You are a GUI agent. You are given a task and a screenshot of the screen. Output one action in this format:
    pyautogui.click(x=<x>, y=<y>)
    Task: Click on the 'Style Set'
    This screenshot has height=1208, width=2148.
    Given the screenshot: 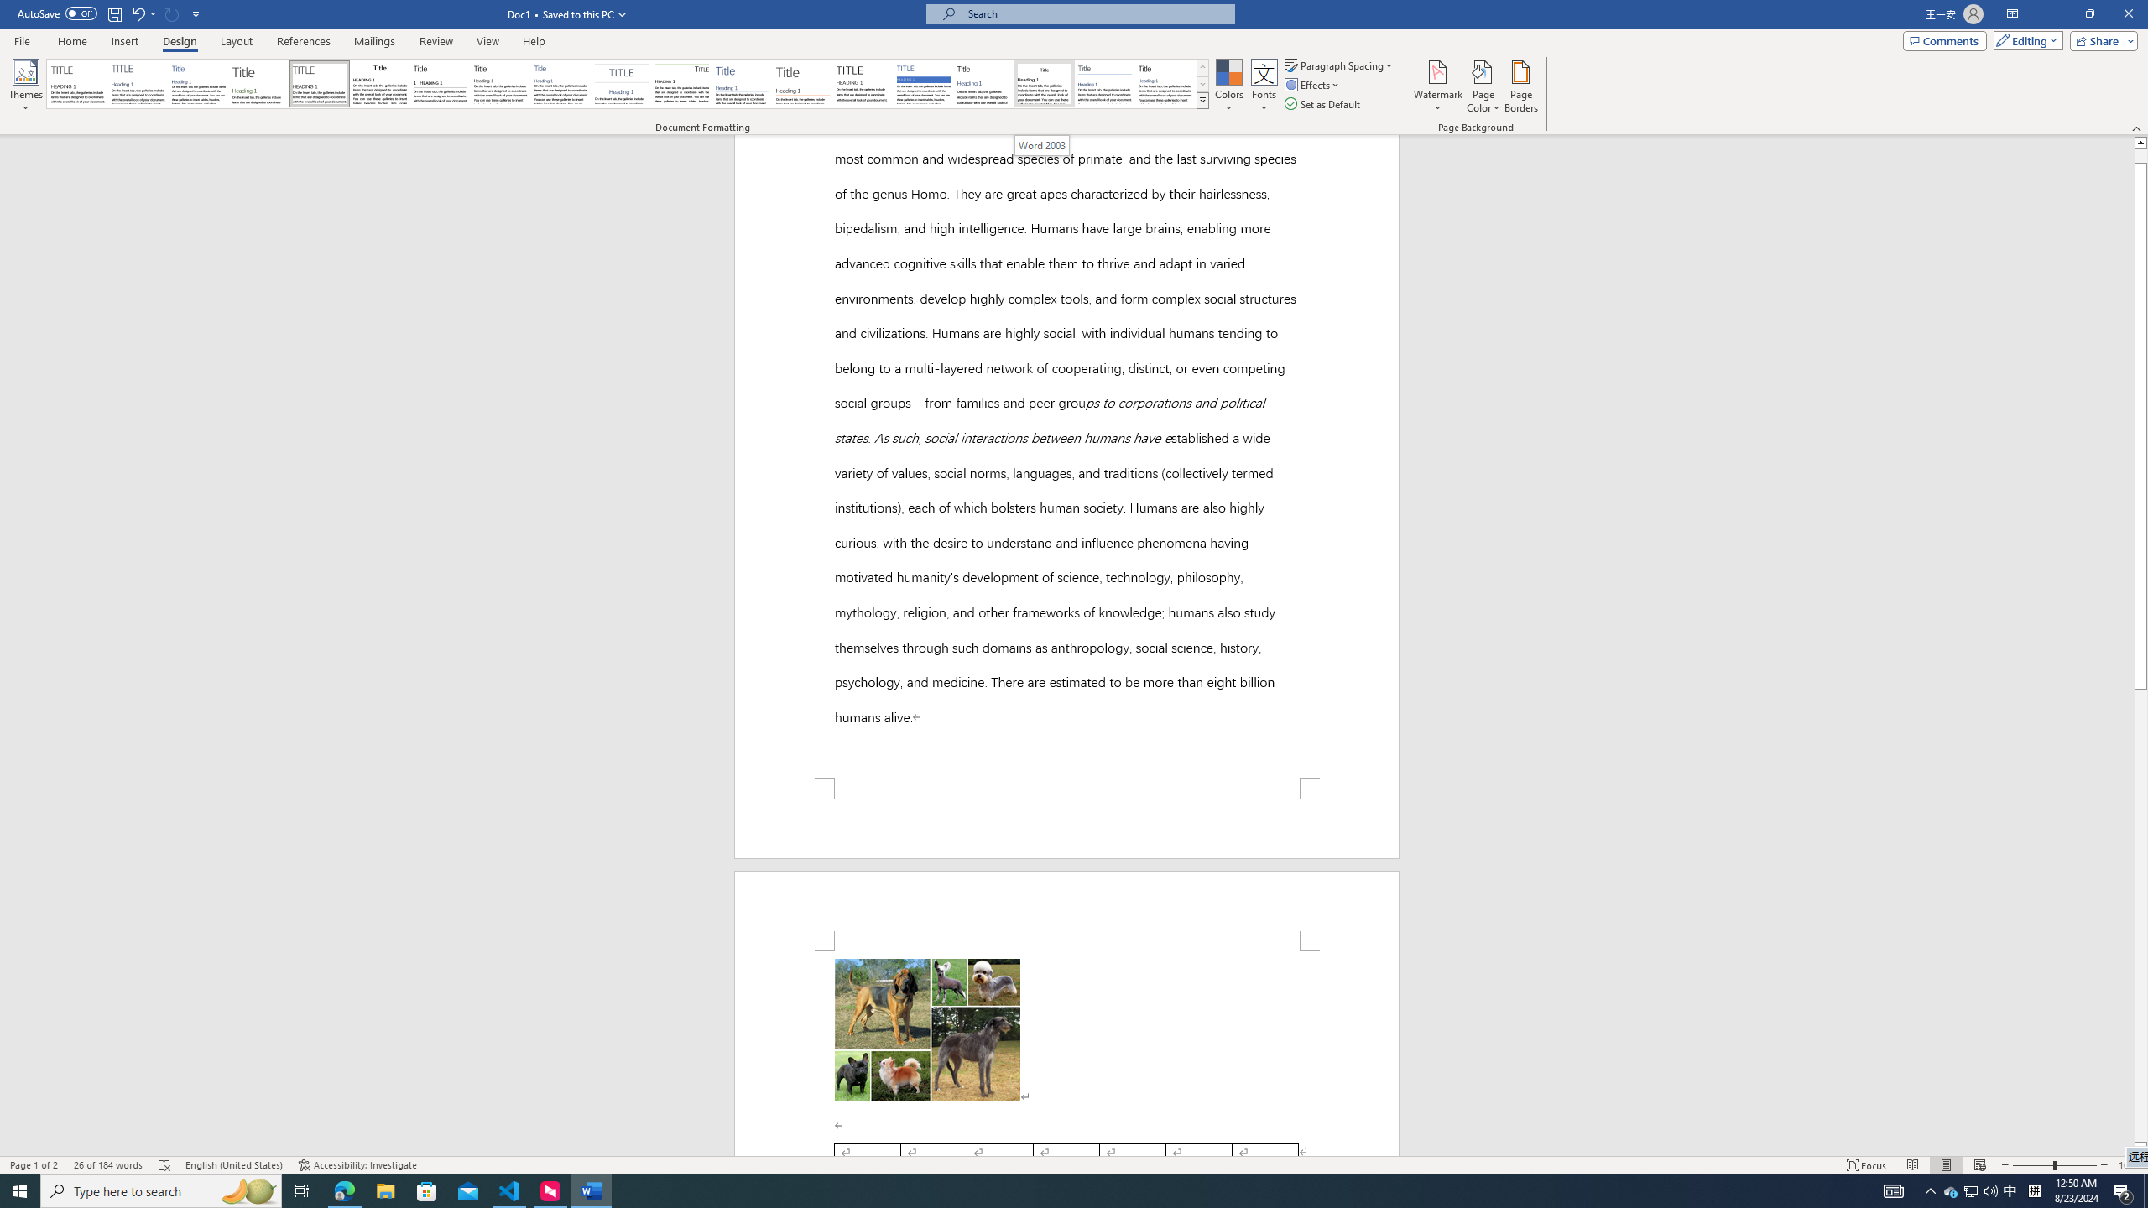 What is the action you would take?
    pyautogui.click(x=1202, y=99)
    